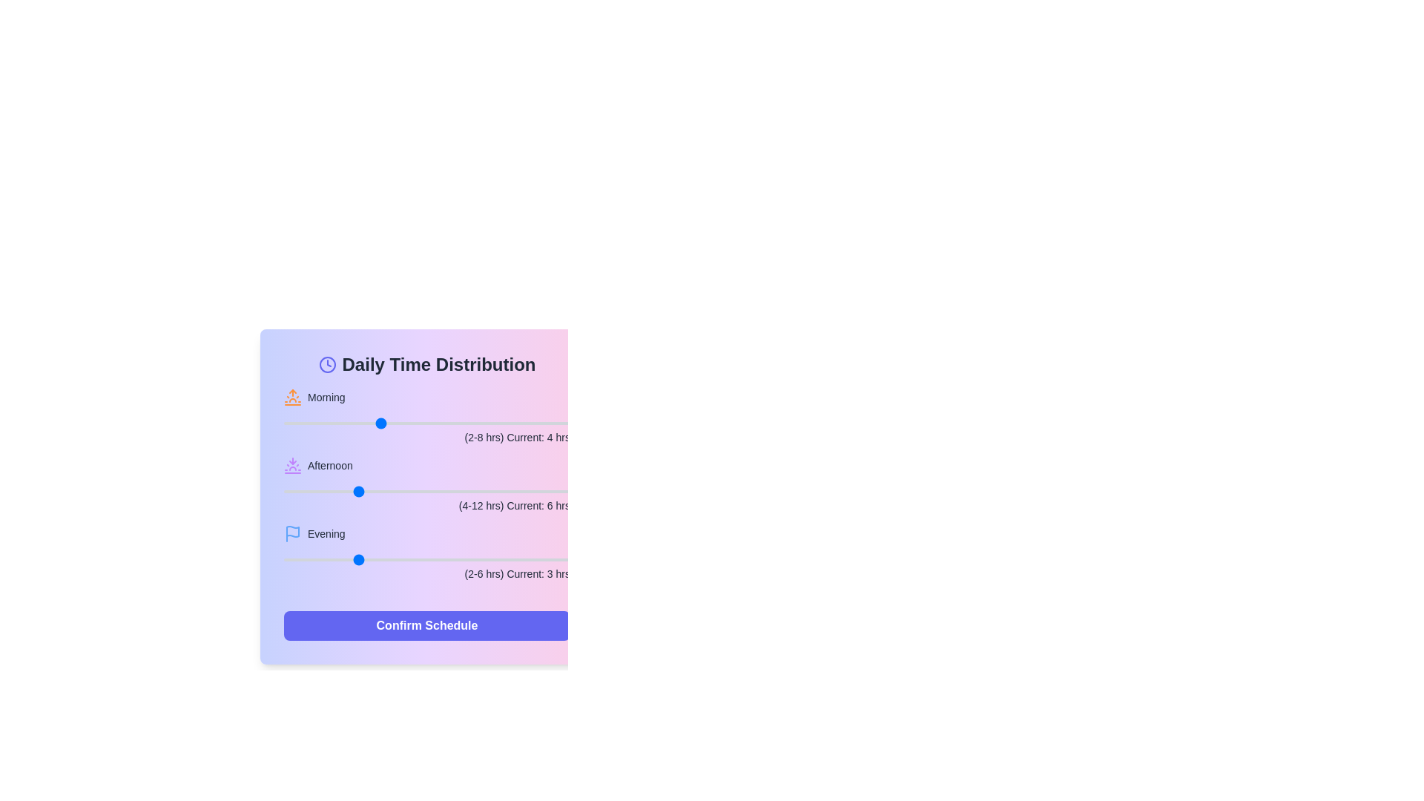 The image size is (1424, 801). I want to click on the time icon located on the left side of the 'Daily Time Distribution' header, so click(326, 365).